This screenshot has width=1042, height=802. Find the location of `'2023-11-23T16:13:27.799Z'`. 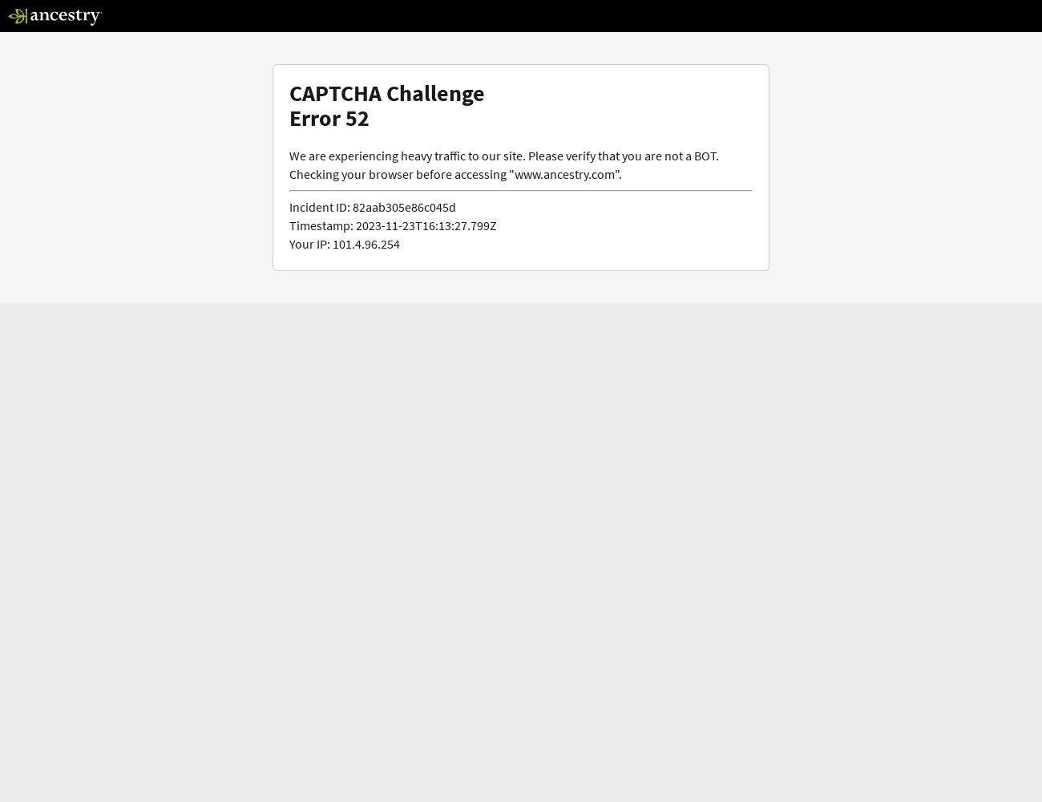

'2023-11-23T16:13:27.799Z' is located at coordinates (426, 225).